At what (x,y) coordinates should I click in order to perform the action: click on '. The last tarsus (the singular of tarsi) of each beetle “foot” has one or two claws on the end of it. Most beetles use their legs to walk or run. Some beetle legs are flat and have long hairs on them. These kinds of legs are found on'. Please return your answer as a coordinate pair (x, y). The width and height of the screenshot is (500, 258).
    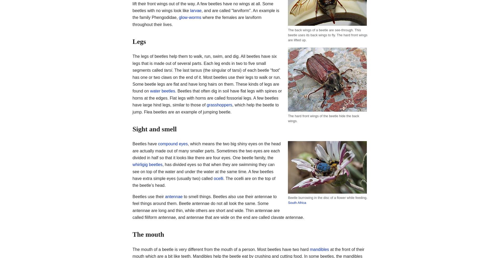
    Looking at the image, I should click on (206, 80).